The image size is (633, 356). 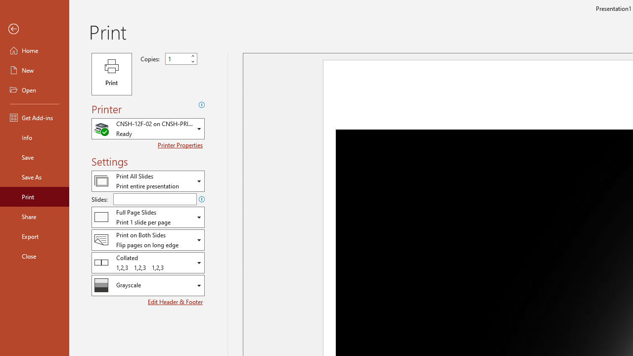 What do you see at coordinates (147, 128) in the screenshot?
I see `'Which Printer'` at bounding box center [147, 128].